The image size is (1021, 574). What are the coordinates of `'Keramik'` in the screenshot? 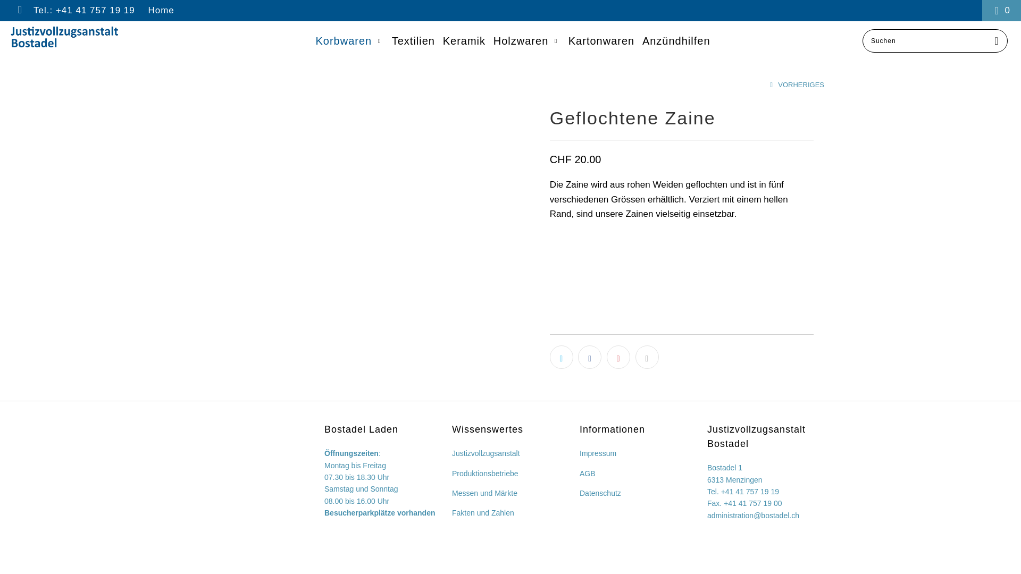 It's located at (464, 40).